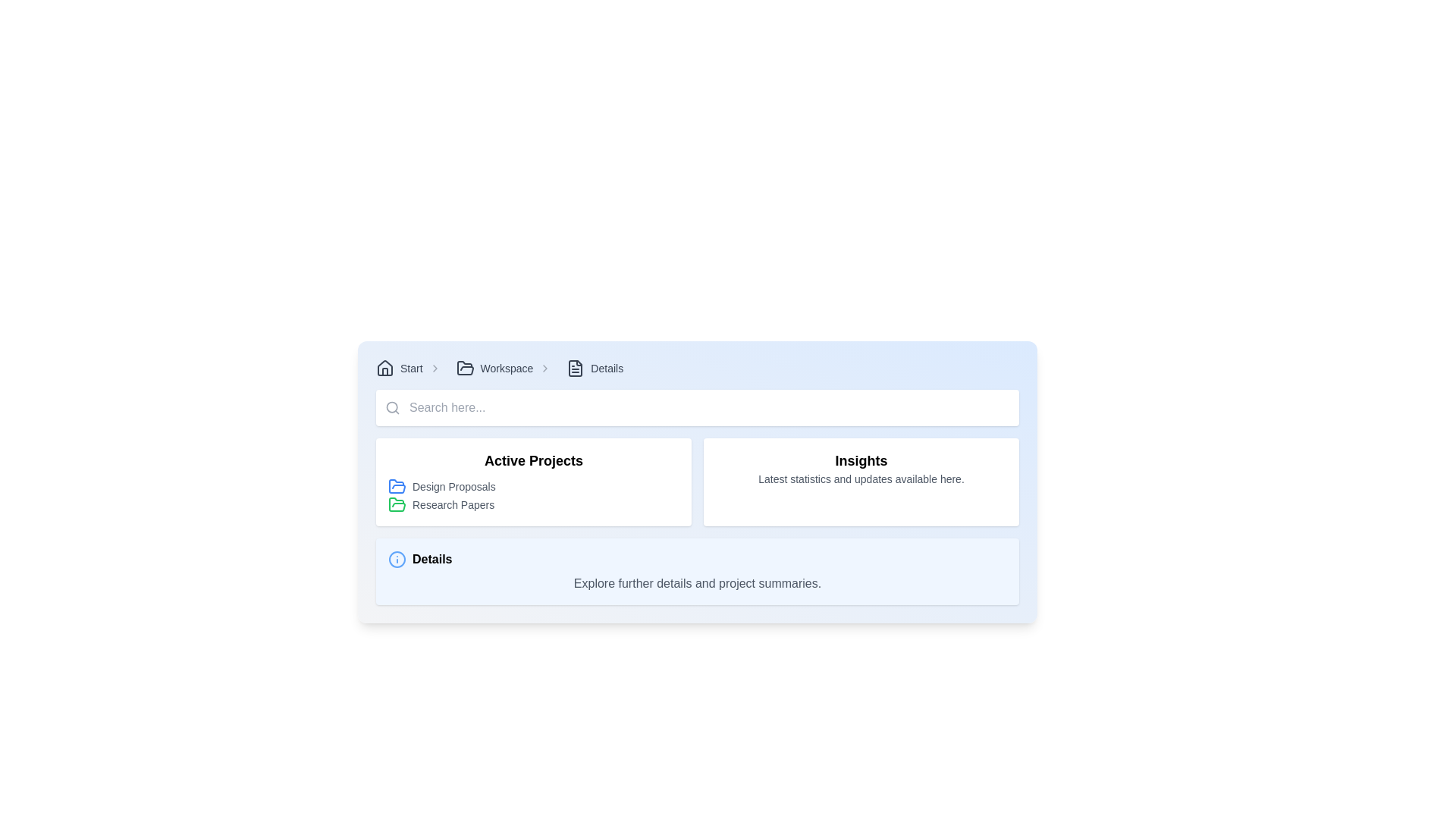 Image resolution: width=1456 pixels, height=819 pixels. What do you see at coordinates (385, 368) in the screenshot?
I see `the house-shaped vector graphic located in the navigational header, part of the breadcrumb area labeled with 'Start', 'Workspace', and 'Details'` at bounding box center [385, 368].